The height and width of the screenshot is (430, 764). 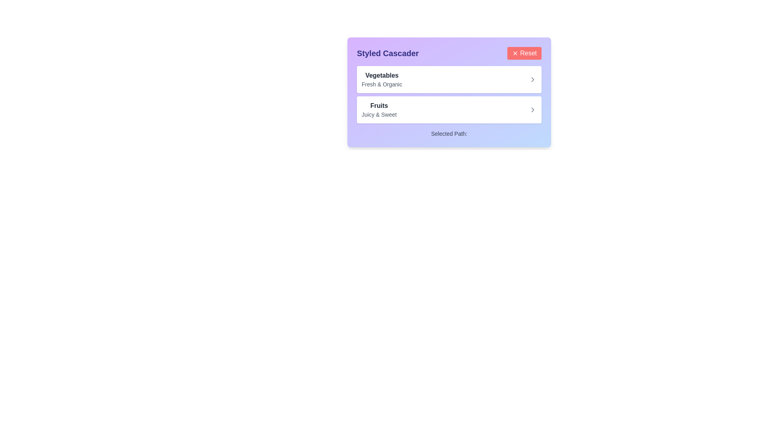 What do you see at coordinates (533, 110) in the screenshot?
I see `the right-pointing chevron icon, which is styled in gray and located to the right of the text 'Juicy & Sweet'` at bounding box center [533, 110].